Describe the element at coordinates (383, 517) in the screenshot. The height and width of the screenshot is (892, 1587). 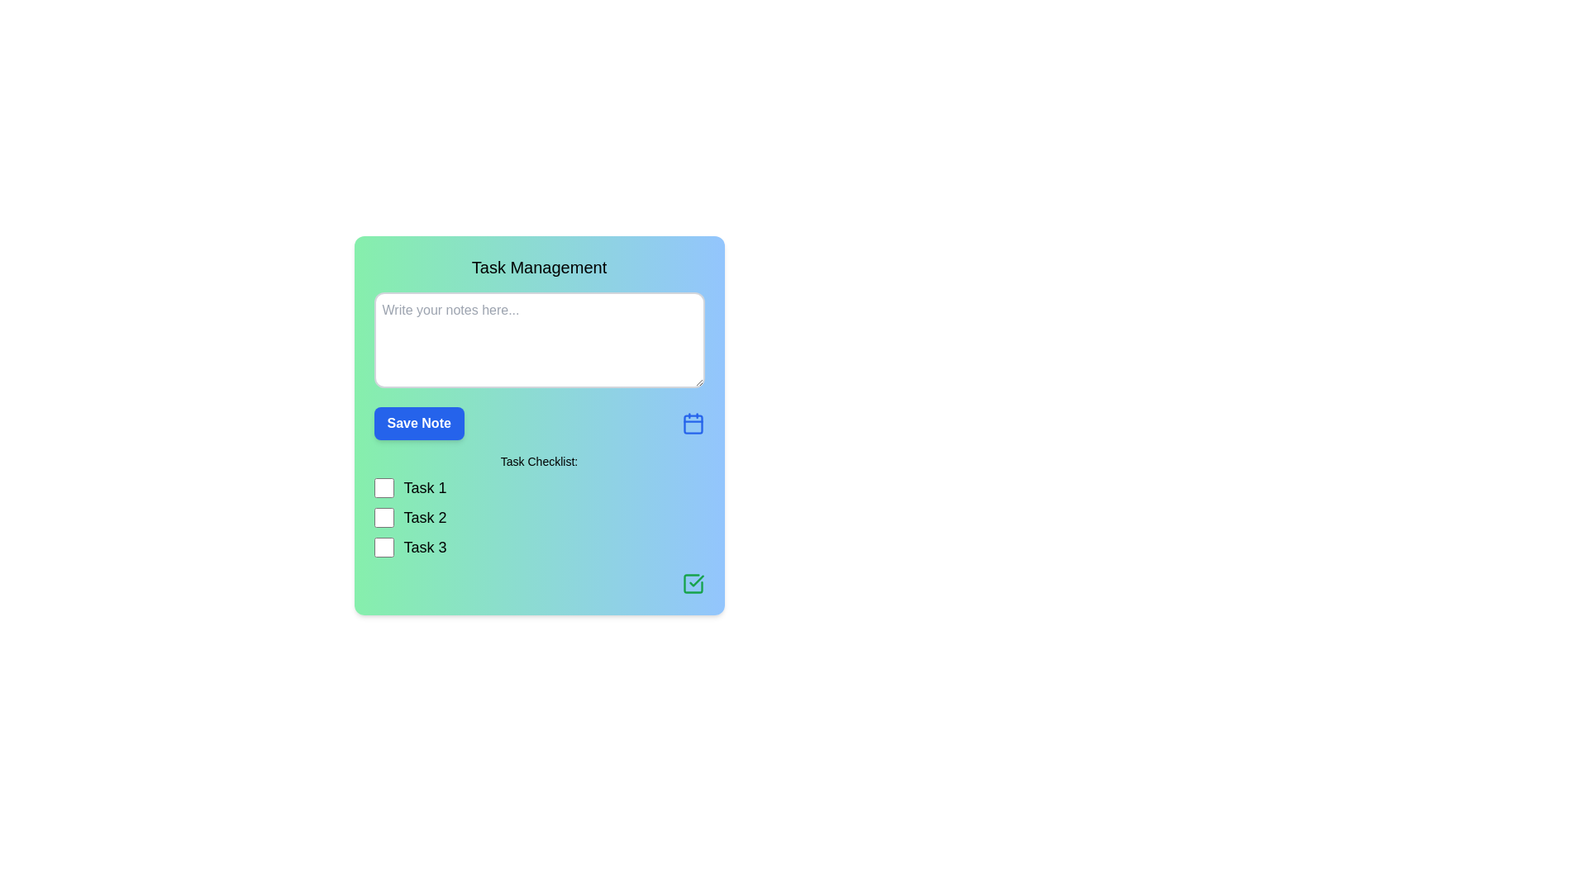
I see `the checkbox for 'Task 2' in the task checklist to mark or unmark the item` at that location.